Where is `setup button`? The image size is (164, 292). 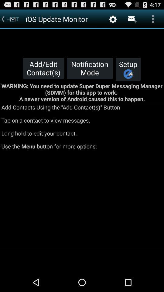 setup button is located at coordinates (128, 69).